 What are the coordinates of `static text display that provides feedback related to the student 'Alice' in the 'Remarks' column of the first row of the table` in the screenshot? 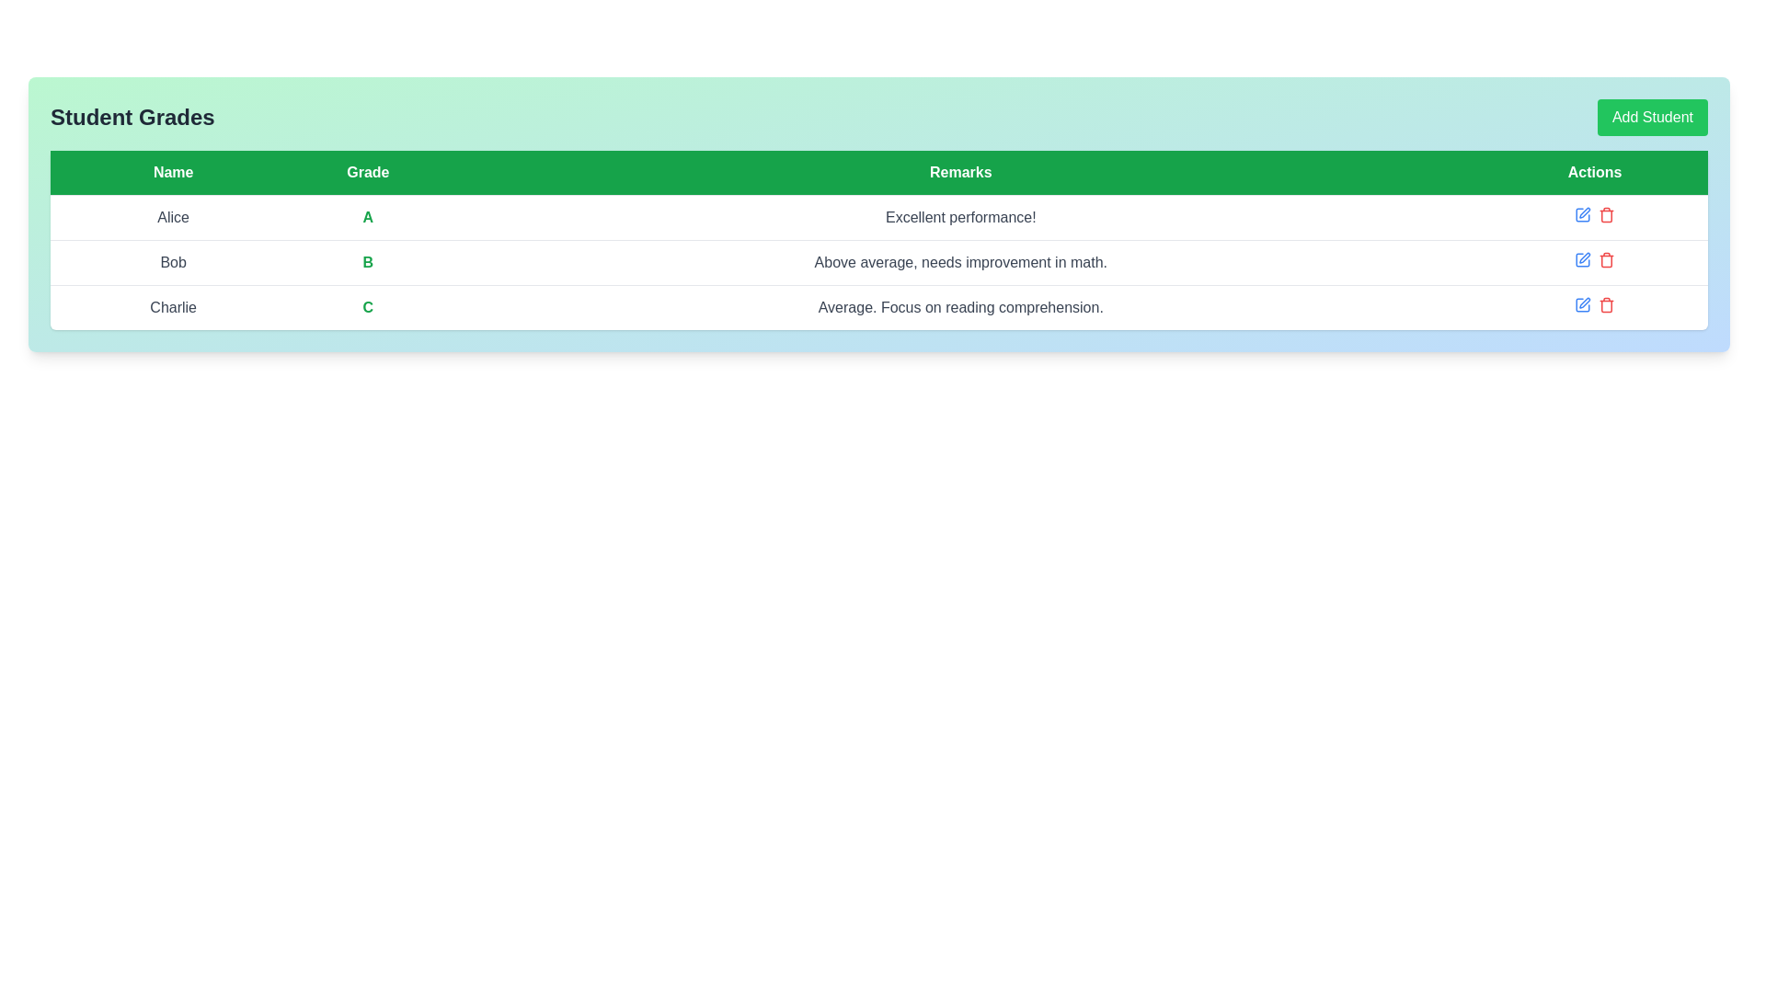 It's located at (959, 216).